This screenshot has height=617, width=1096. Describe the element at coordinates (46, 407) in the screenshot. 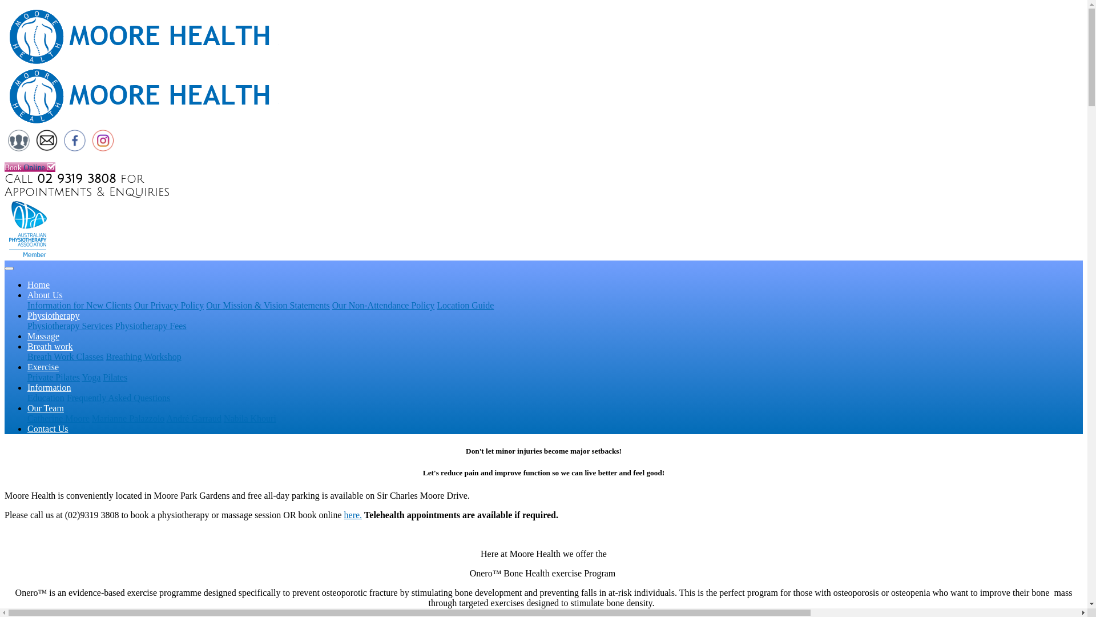

I see `'Our Team'` at that location.